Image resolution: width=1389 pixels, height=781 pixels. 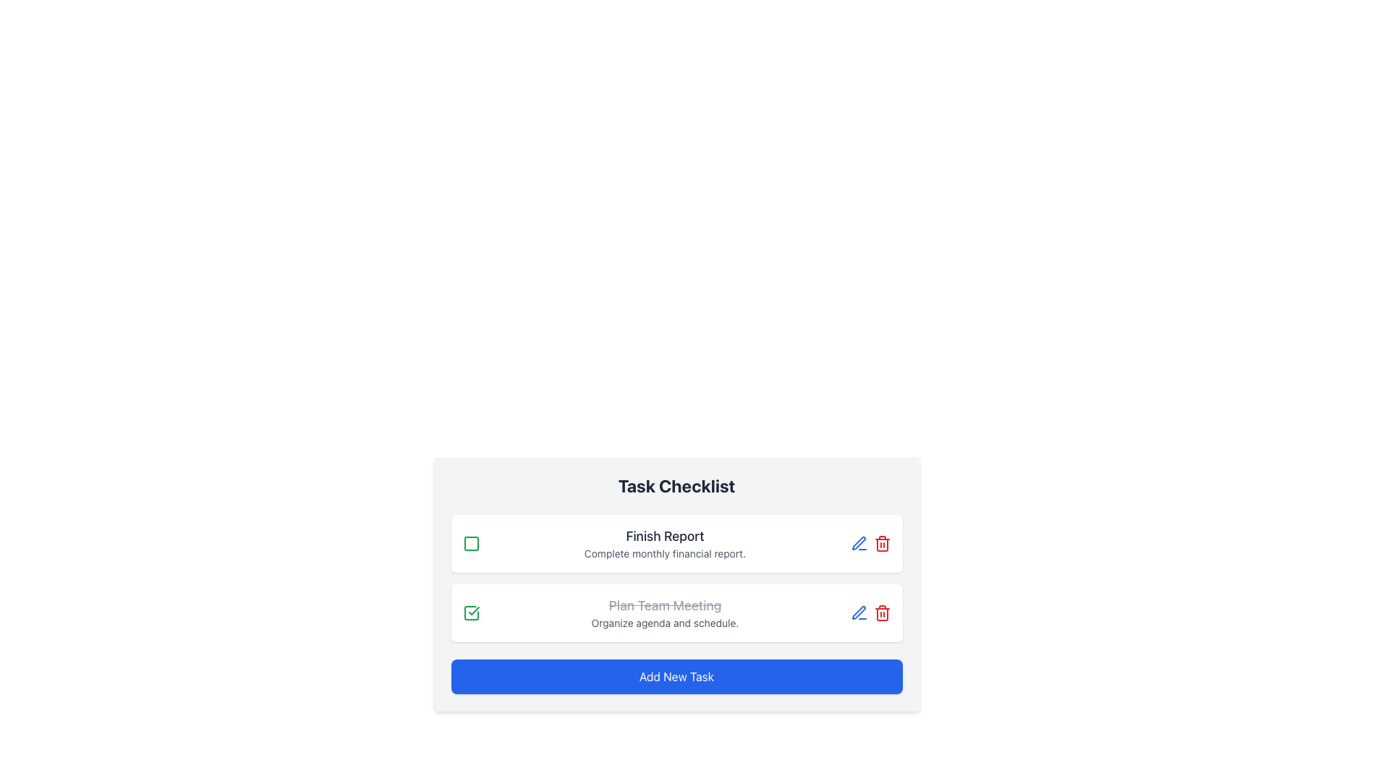 I want to click on the text display indicating a completed task titled 'Plan Team Meeting' with a strikethrough style and associated description 'Organize agenda and schedule', so click(x=664, y=613).